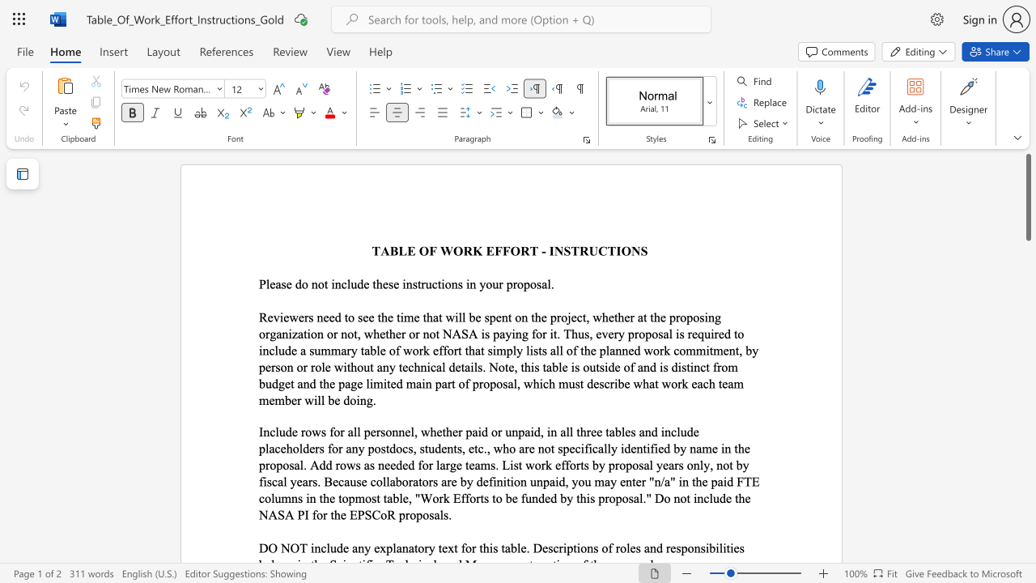 The width and height of the screenshot is (1036, 583). Describe the element at coordinates (1027, 549) in the screenshot. I see `the scrollbar to move the page down` at that location.